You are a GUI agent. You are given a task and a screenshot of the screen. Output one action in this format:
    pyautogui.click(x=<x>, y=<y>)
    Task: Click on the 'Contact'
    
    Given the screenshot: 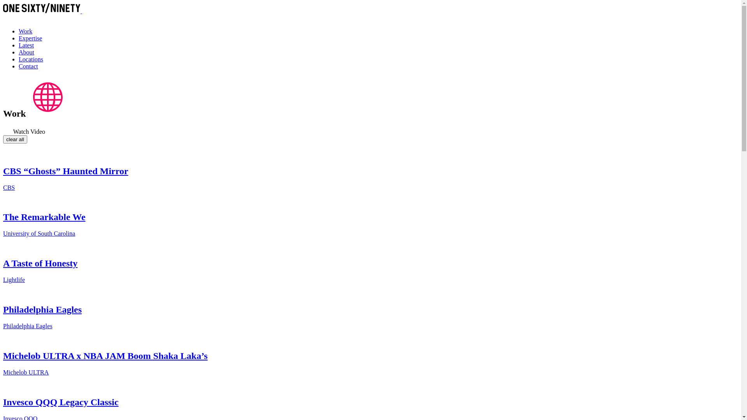 What is the action you would take?
    pyautogui.click(x=28, y=66)
    